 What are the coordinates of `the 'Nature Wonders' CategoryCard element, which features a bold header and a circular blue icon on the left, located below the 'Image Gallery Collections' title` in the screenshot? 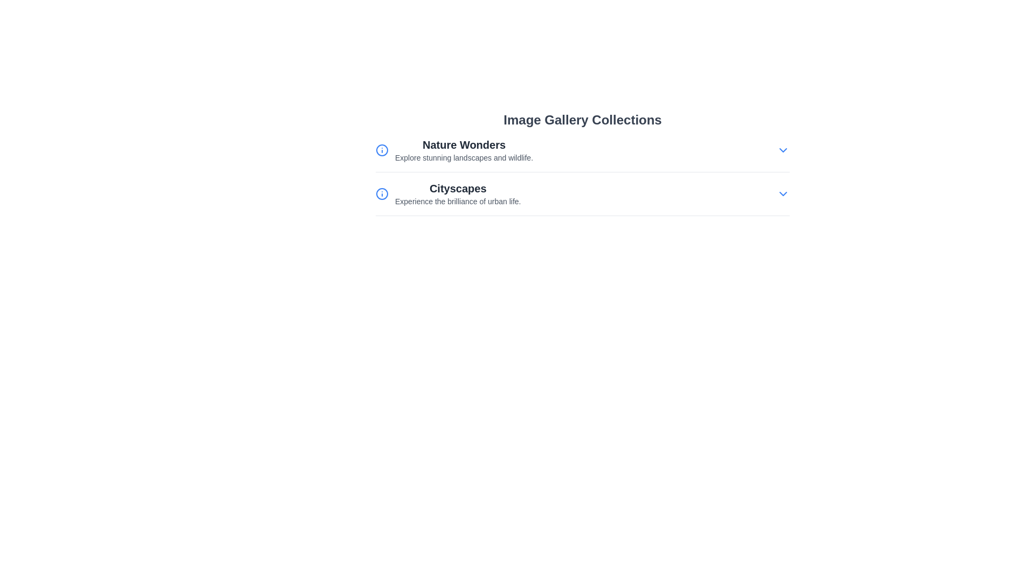 It's located at (454, 150).